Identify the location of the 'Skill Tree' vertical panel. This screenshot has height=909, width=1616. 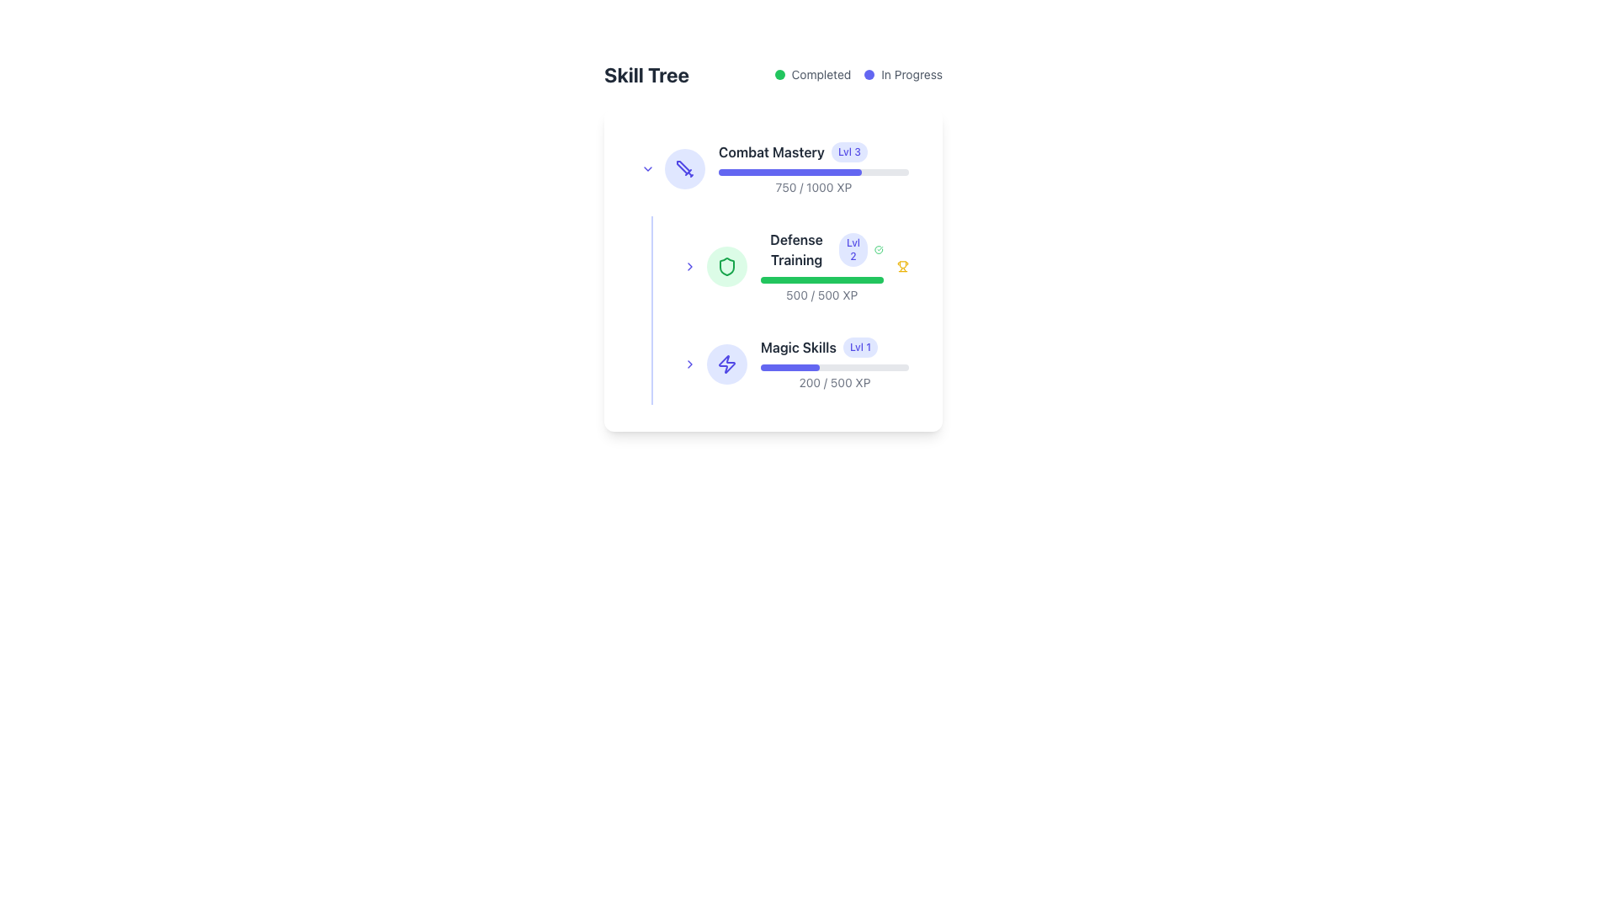
(772, 247).